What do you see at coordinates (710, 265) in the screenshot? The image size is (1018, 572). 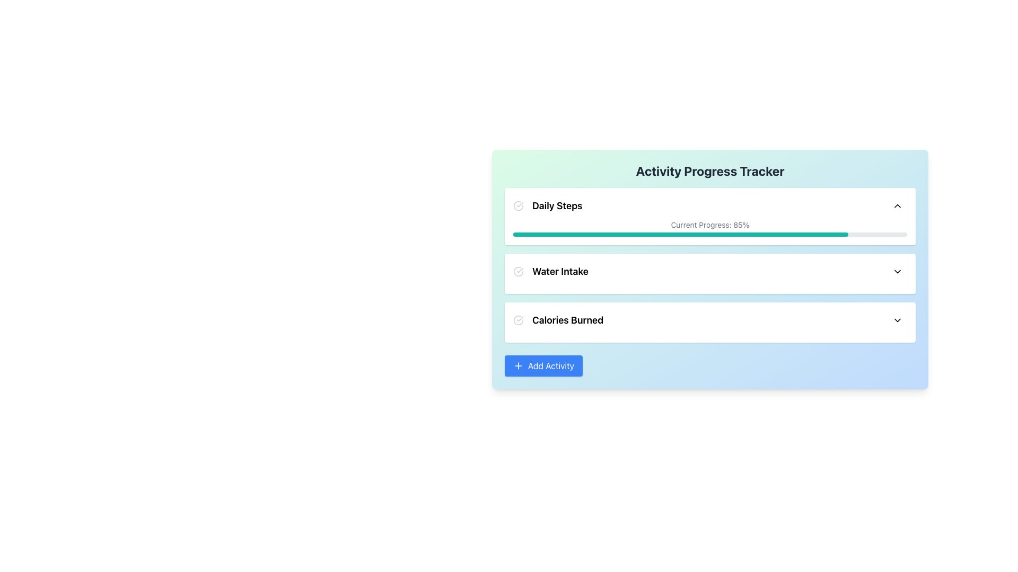 I see `the topmost activity block in the 'Activity Progress Tracker' that displays the user's daily steps progress` at bounding box center [710, 265].